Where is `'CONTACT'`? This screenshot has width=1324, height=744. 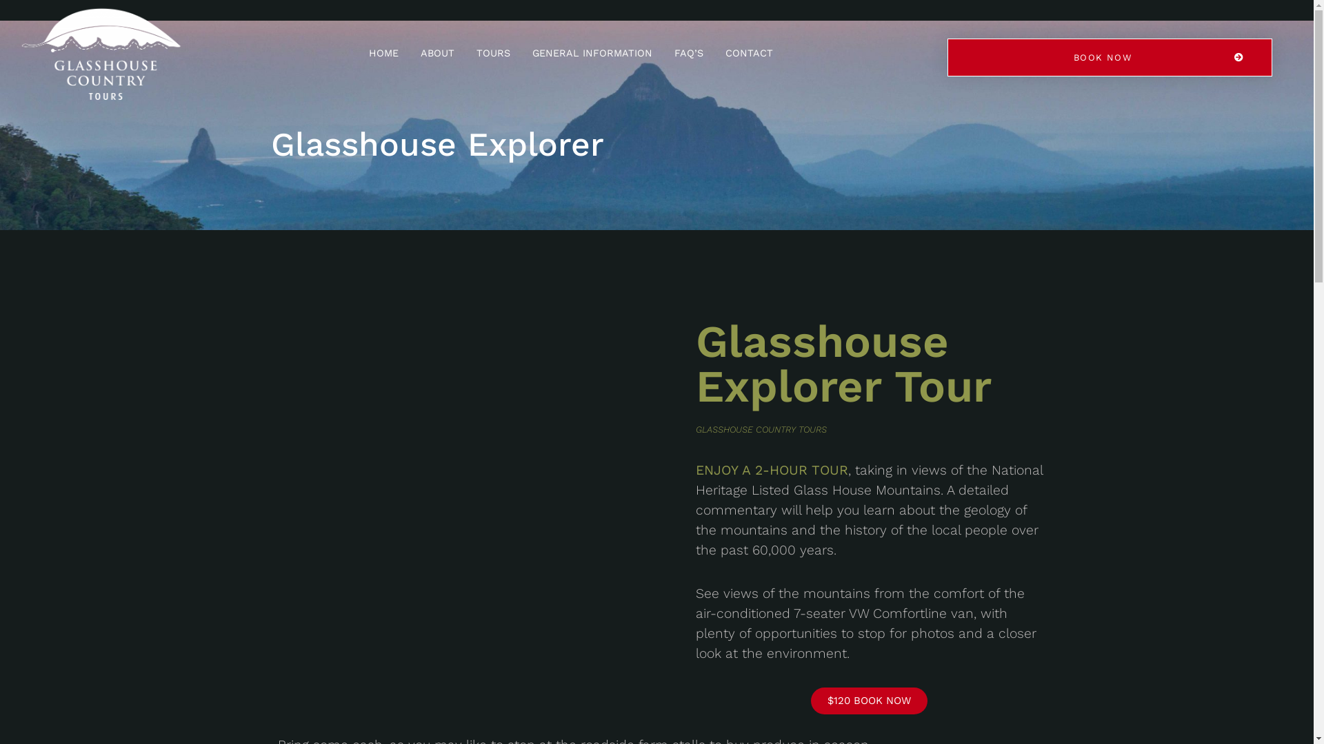
'CONTACT' is located at coordinates (748, 52).